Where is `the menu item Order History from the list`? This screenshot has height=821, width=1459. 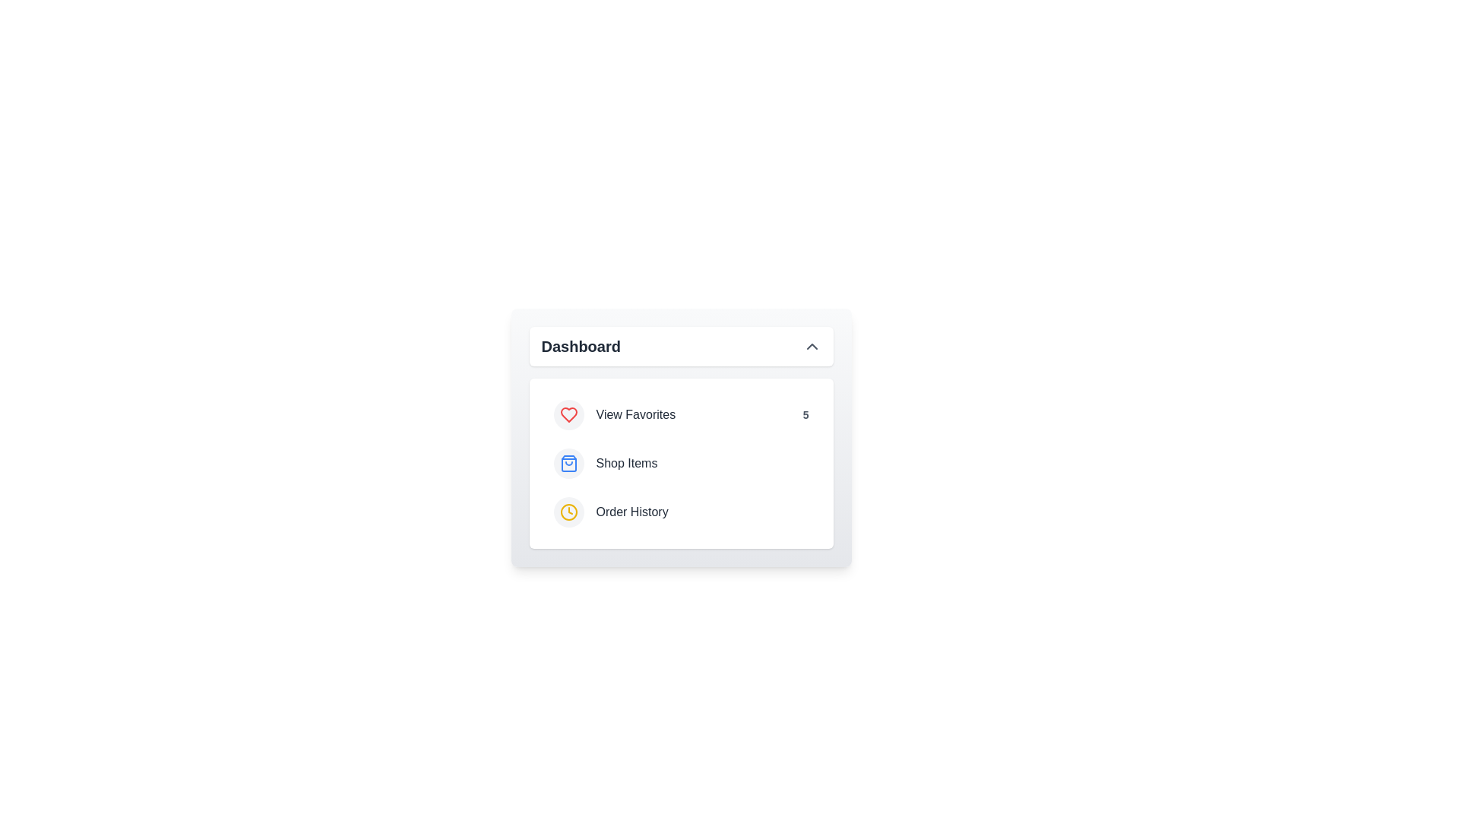 the menu item Order History from the list is located at coordinates (680, 512).